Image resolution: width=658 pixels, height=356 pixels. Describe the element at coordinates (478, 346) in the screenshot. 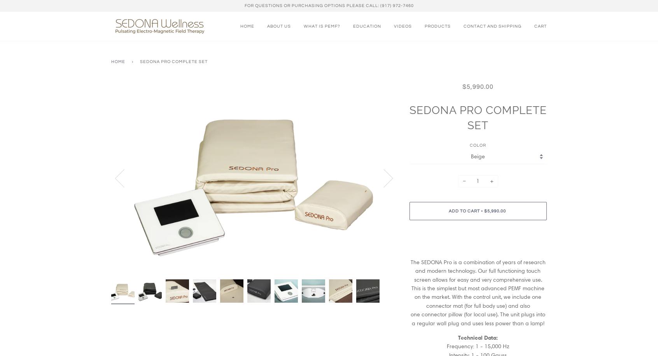

I see `'Frequency: 1 - 15,000 Hz'` at that location.